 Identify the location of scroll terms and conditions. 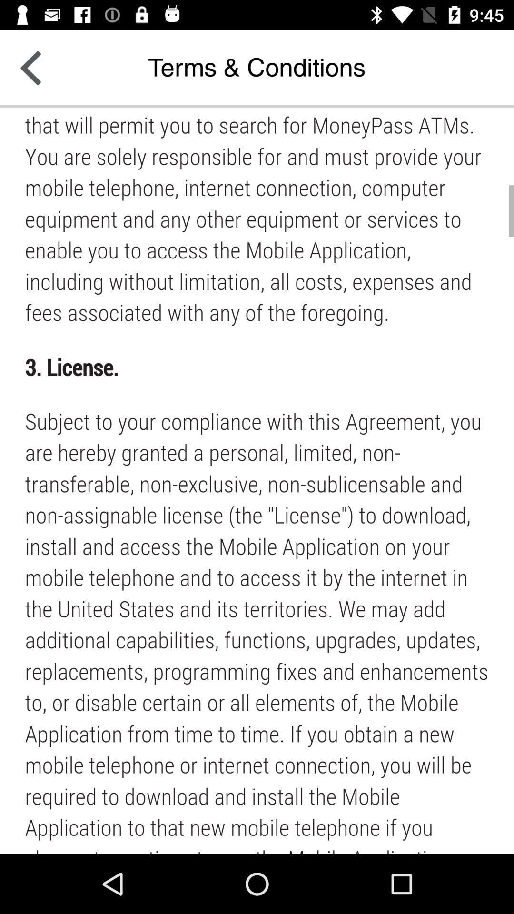
(257, 480).